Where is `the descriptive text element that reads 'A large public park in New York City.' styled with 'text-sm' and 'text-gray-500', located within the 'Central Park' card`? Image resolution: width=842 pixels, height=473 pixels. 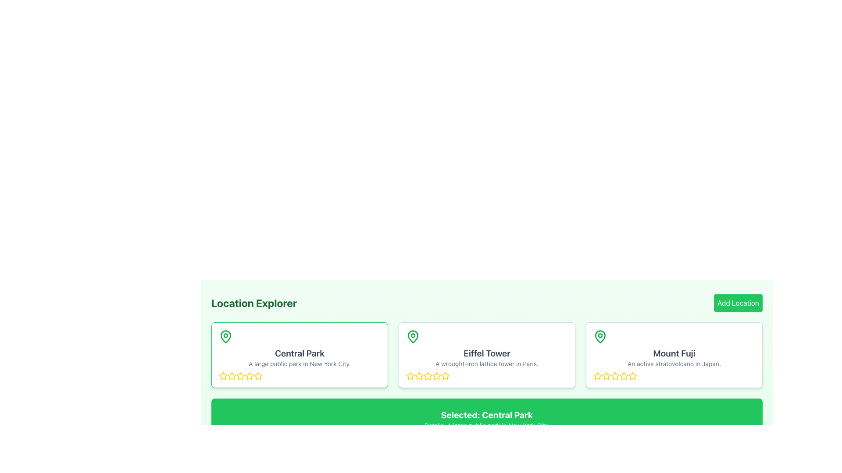
the descriptive text element that reads 'A large public park in New York City.' styled with 'text-sm' and 'text-gray-500', located within the 'Central Park' card is located at coordinates (300, 364).